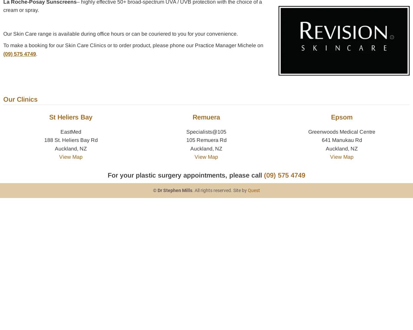 The image size is (413, 330). Describe the element at coordinates (186, 175) in the screenshot. I see `'For your plastic surgery appointments, please call'` at that location.